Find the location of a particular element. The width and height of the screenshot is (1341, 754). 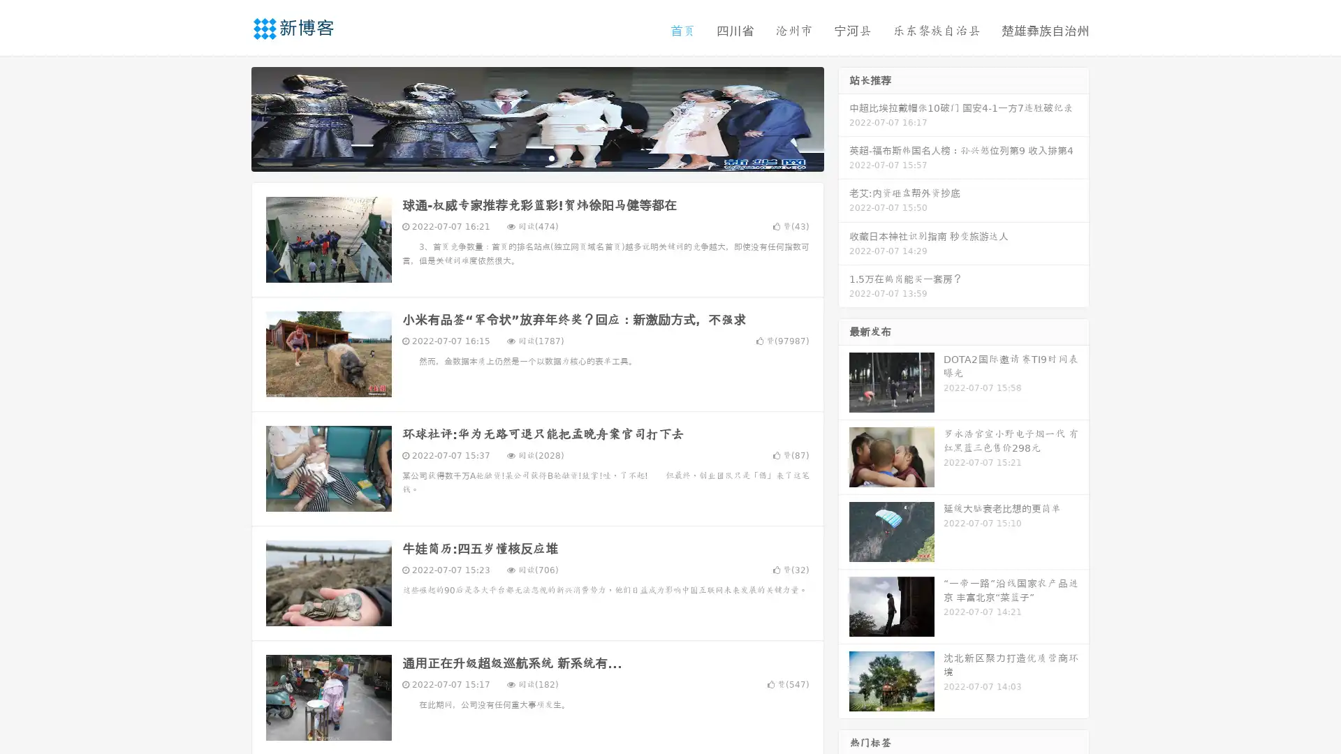

Previous slide is located at coordinates (230, 117).